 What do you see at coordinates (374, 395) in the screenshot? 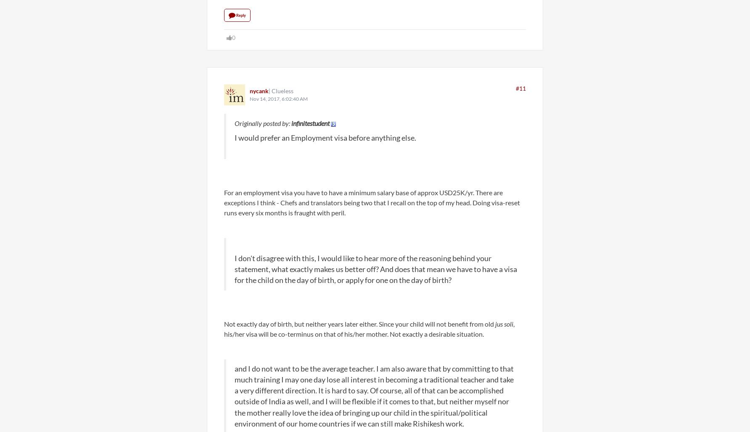
I see `'and I do not want to be the average teacher. I am also aware that by committing to that much training I may one day lose all interest in becoming a traditional teacher and take a very different direction. It is hard to say. Of course, all of that can be accomplished outside of India as well, and I will be flexible if it comes to that, but neither myself nor the mother really love the idea of bringing up our child in the spiritual/political environment of our home countries if we can still make Rishikesh work.'` at bounding box center [374, 395].